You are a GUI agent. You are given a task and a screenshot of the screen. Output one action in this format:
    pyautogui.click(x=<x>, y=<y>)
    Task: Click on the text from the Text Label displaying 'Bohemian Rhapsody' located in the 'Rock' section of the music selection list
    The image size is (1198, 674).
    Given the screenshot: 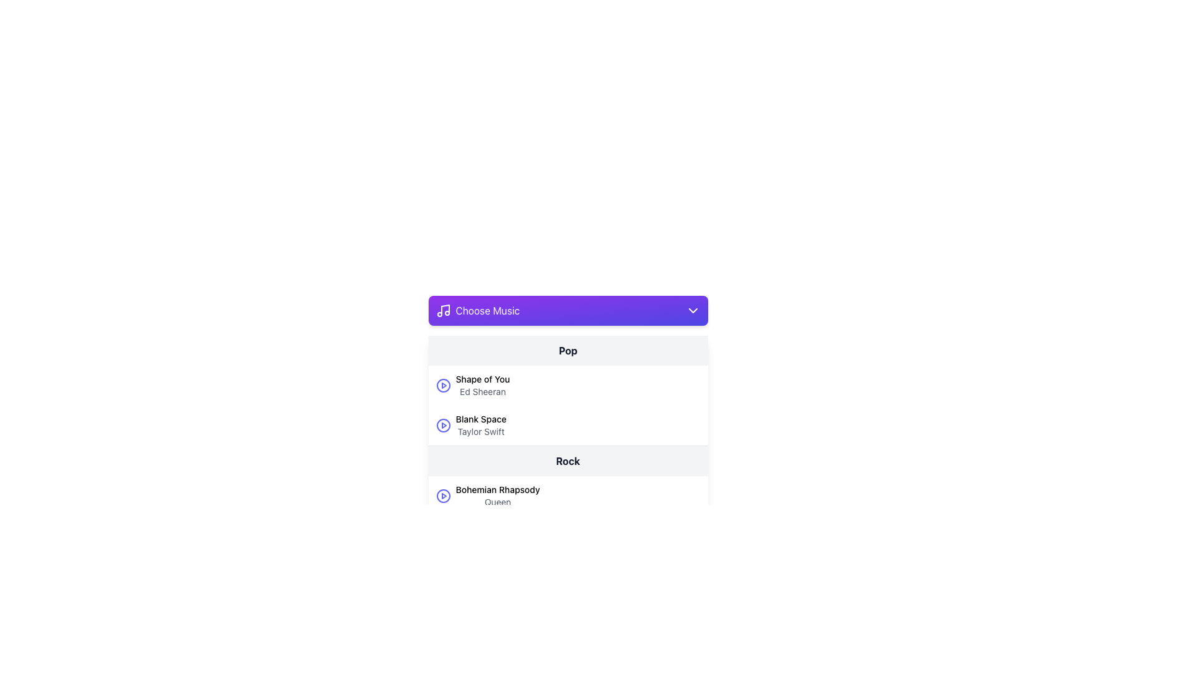 What is the action you would take?
    pyautogui.click(x=497, y=489)
    